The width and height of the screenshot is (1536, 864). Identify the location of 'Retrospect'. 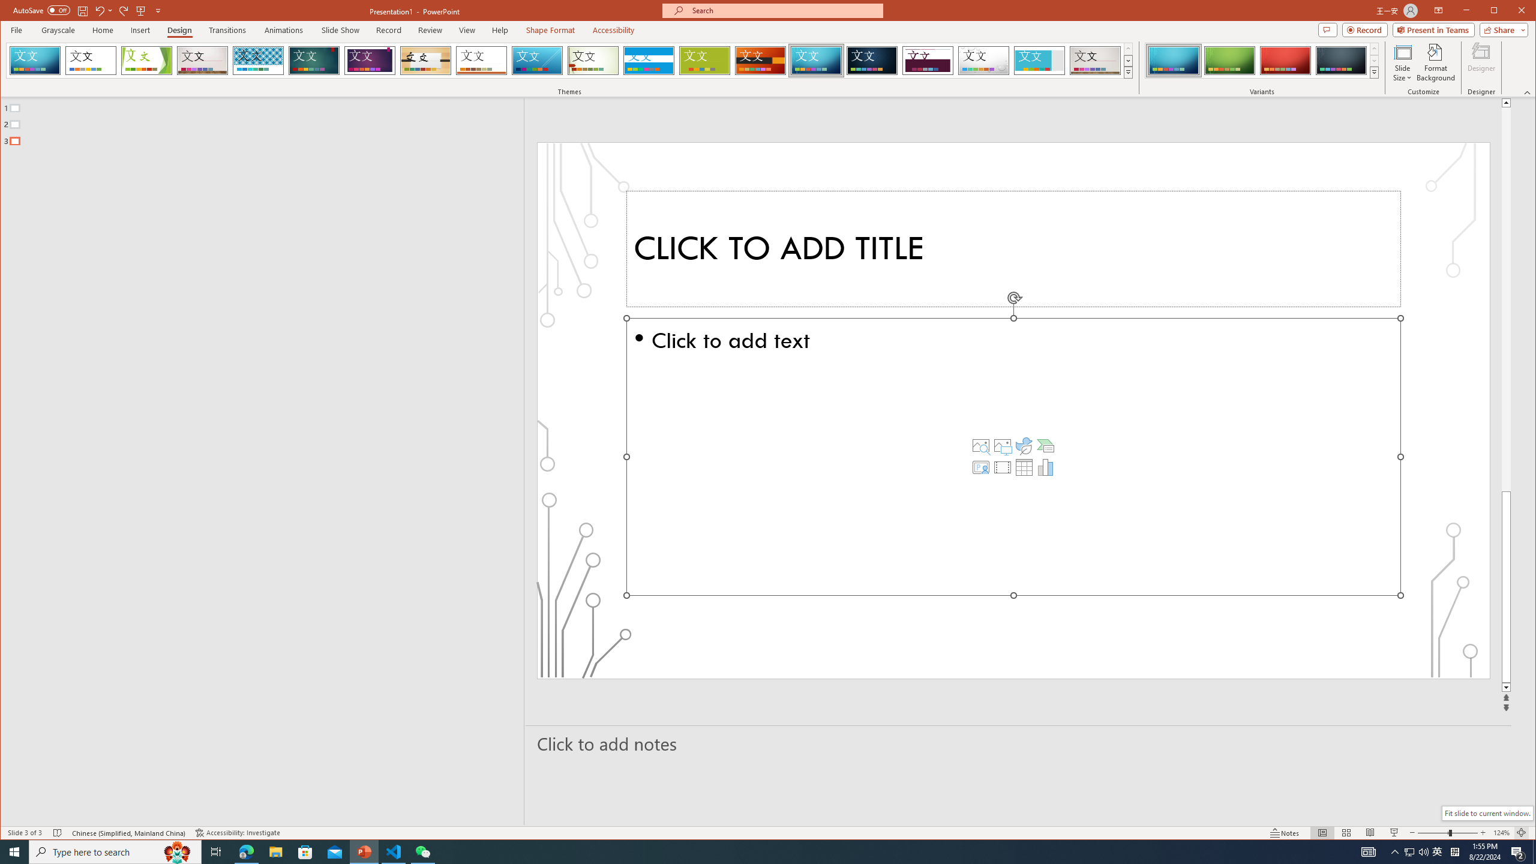
(481, 60).